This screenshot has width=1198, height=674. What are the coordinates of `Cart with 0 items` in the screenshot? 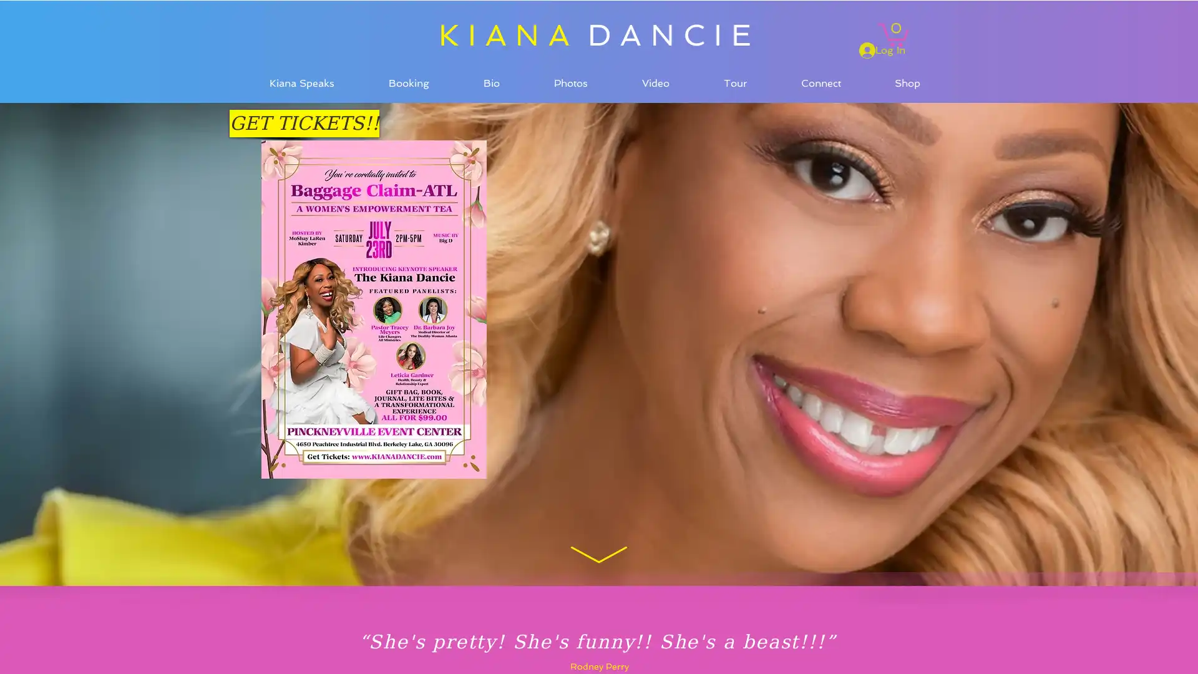 It's located at (892, 32).